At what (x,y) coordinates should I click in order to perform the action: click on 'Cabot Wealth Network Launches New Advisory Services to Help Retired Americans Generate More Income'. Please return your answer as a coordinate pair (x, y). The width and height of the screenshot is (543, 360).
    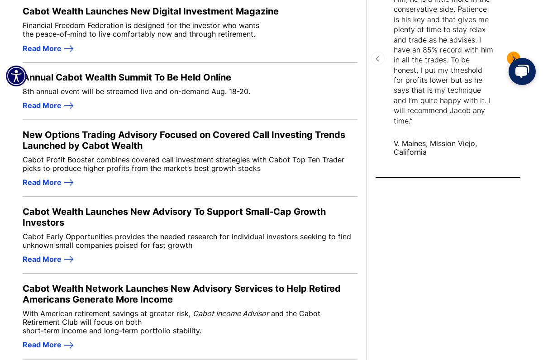
    Looking at the image, I should click on (181, 293).